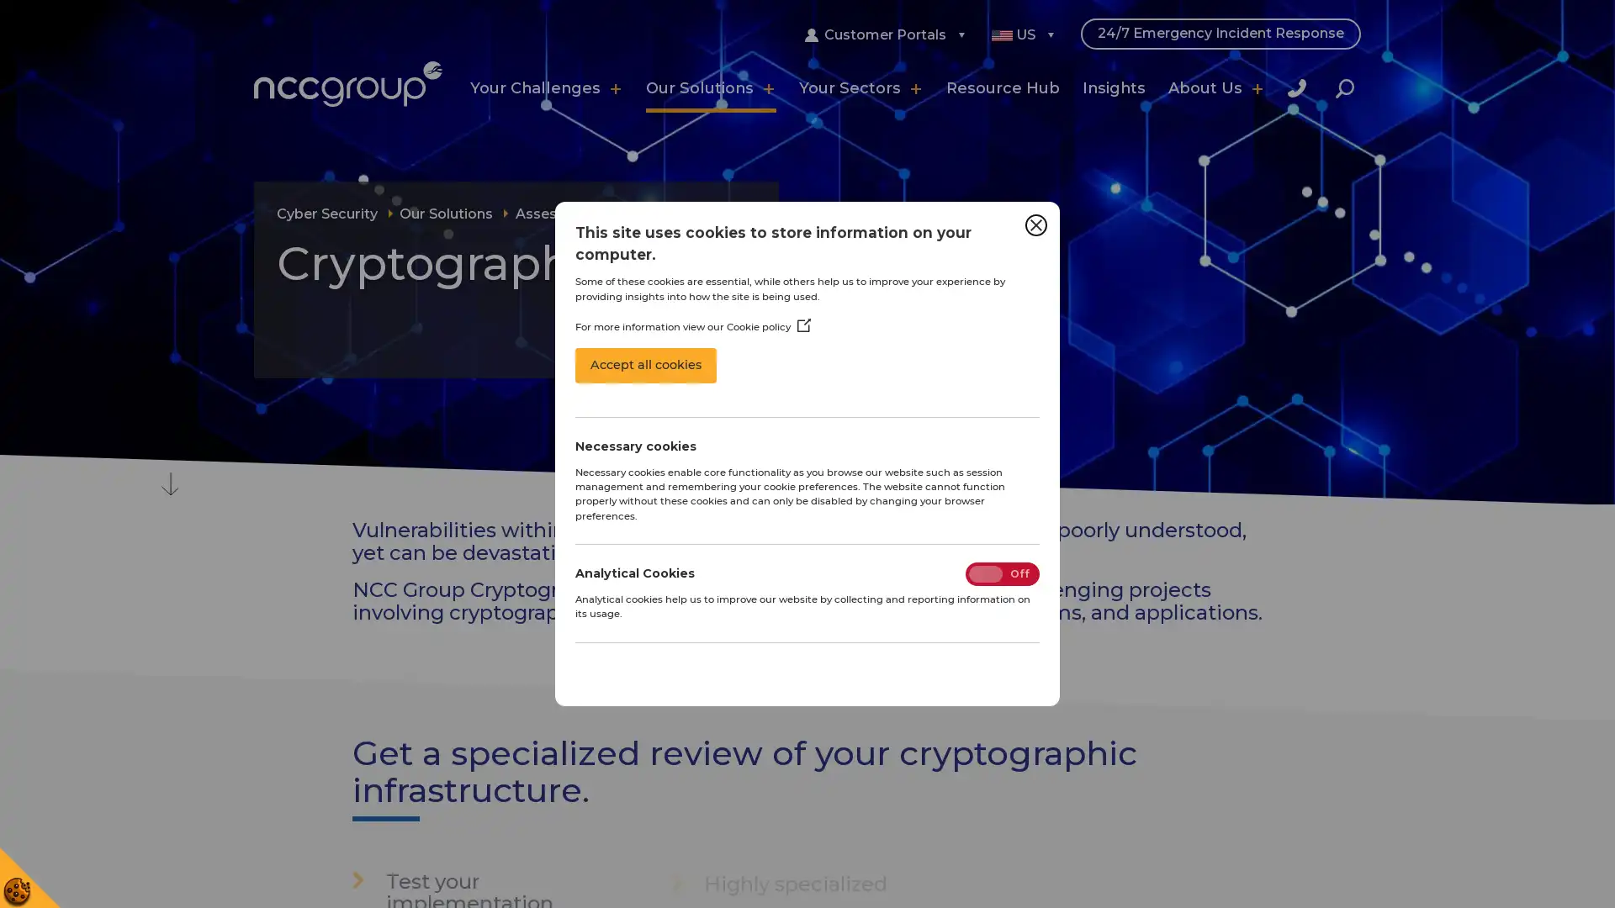  I want to click on Search, so click(1295, 209).